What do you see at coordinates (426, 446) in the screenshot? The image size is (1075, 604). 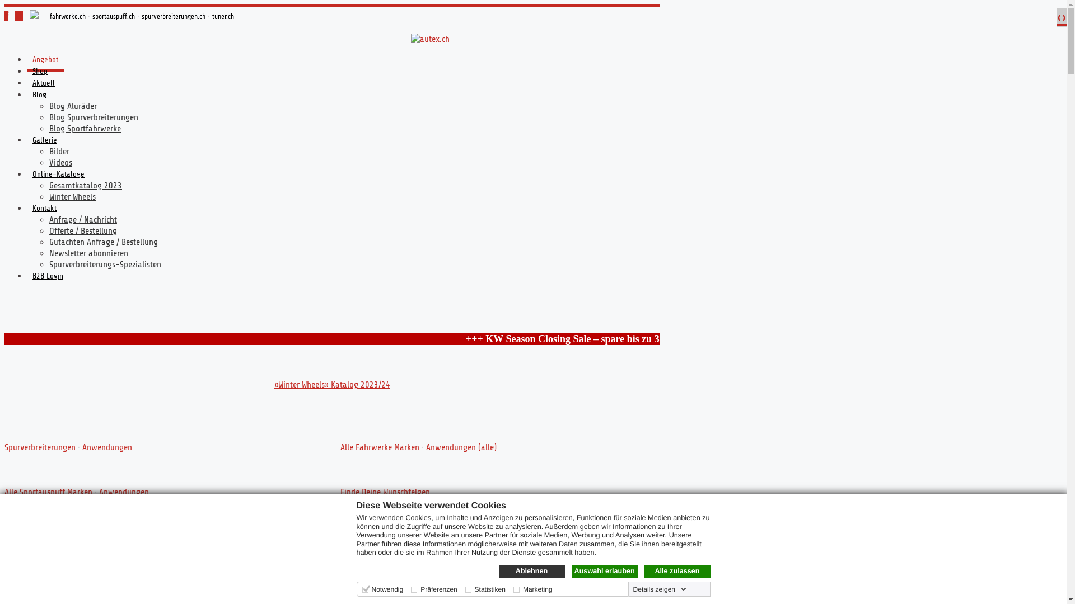 I see `'Anwendungen (alle)'` at bounding box center [426, 446].